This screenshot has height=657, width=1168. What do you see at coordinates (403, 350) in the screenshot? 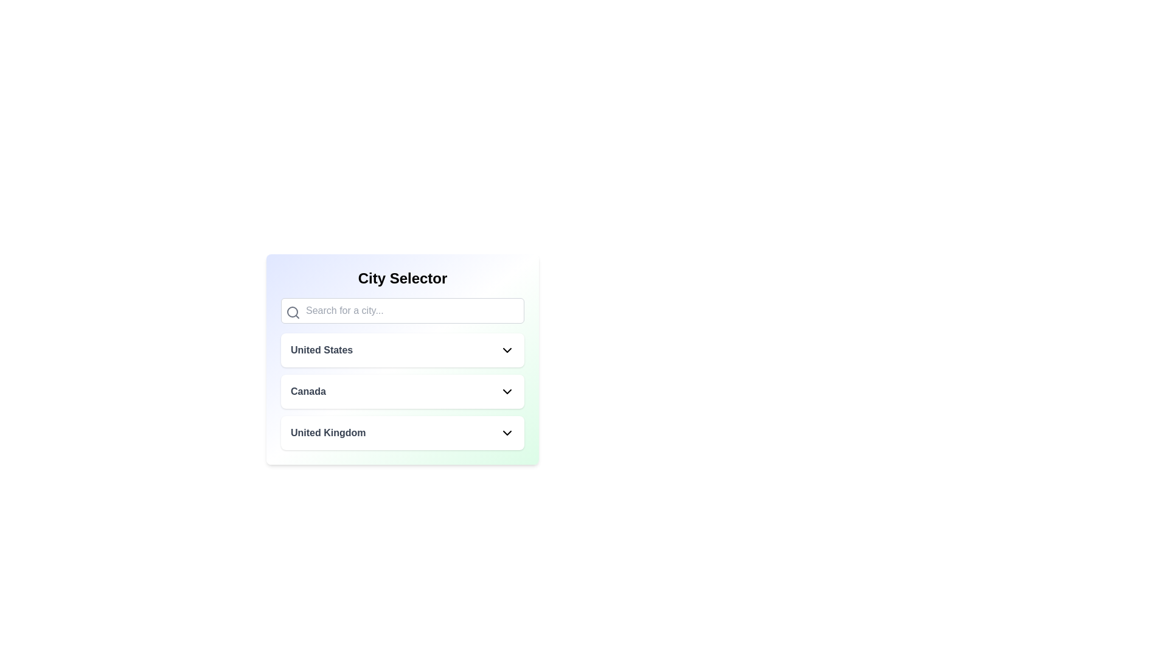
I see `the clickable menu item for selecting 'United States' in the 'City Selector' dropdown menu` at bounding box center [403, 350].